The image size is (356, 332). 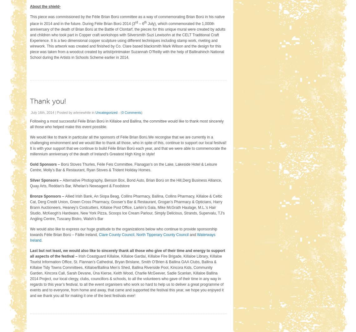 I want to click on 'th', so click(x=145, y=22).